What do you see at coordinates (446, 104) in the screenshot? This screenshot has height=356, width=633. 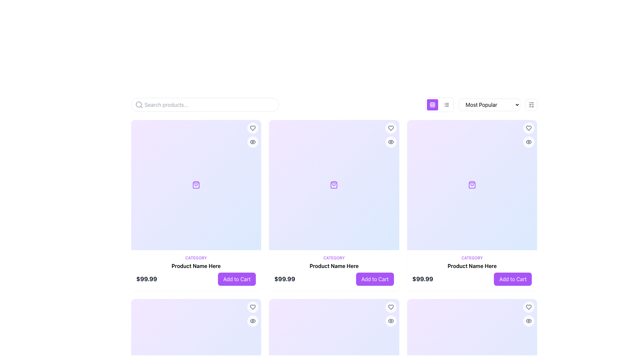 I see `the second button in the utility section of the upper-right corner of the interface for interaction` at bounding box center [446, 104].